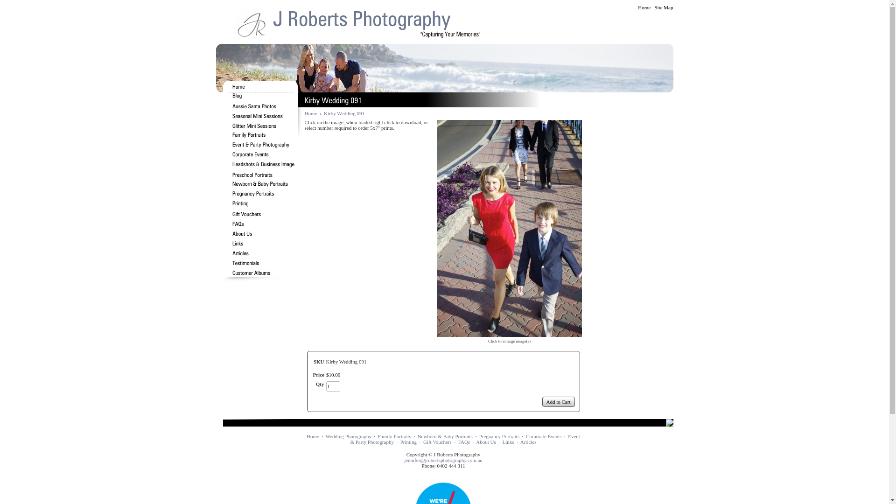 The width and height of the screenshot is (896, 504). Describe the element at coordinates (436, 334) in the screenshot. I see `'Kirby Wedding 091'` at that location.